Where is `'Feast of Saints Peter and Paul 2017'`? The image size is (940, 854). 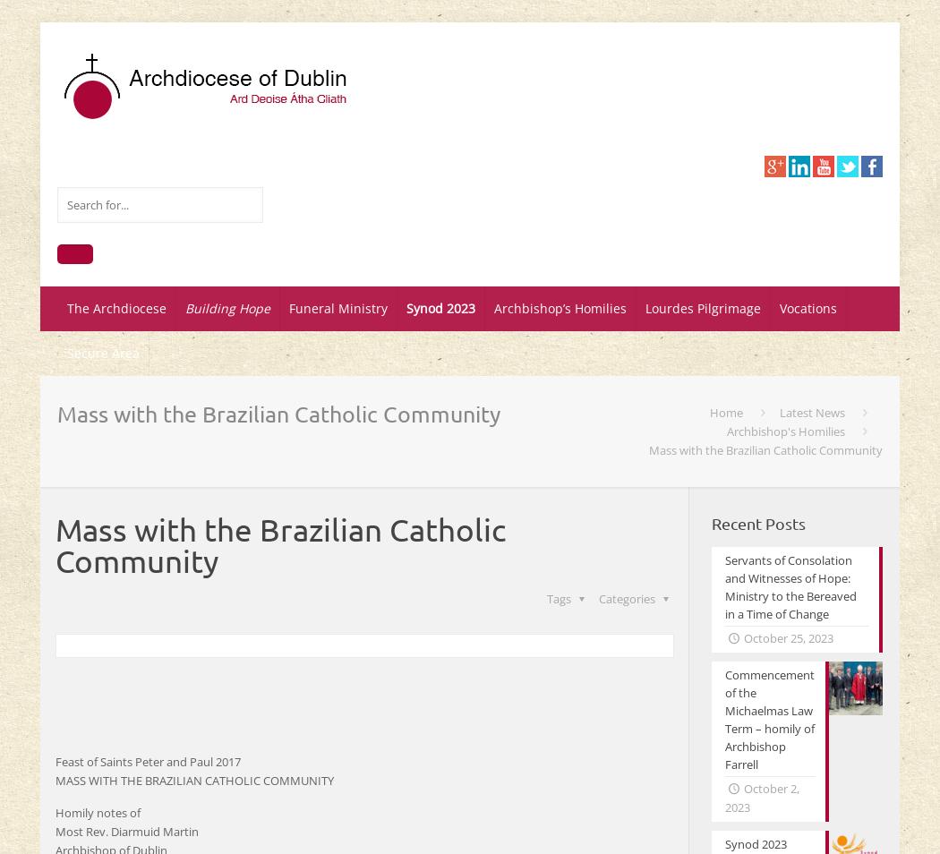 'Feast of Saints Peter and Paul 2017' is located at coordinates (148, 761).